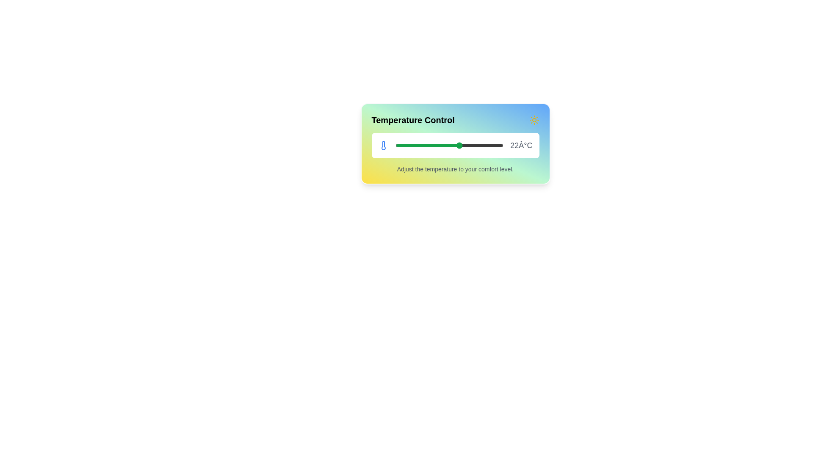 The width and height of the screenshot is (813, 457). Describe the element at coordinates (498, 143) in the screenshot. I see `the temperature` at that location.